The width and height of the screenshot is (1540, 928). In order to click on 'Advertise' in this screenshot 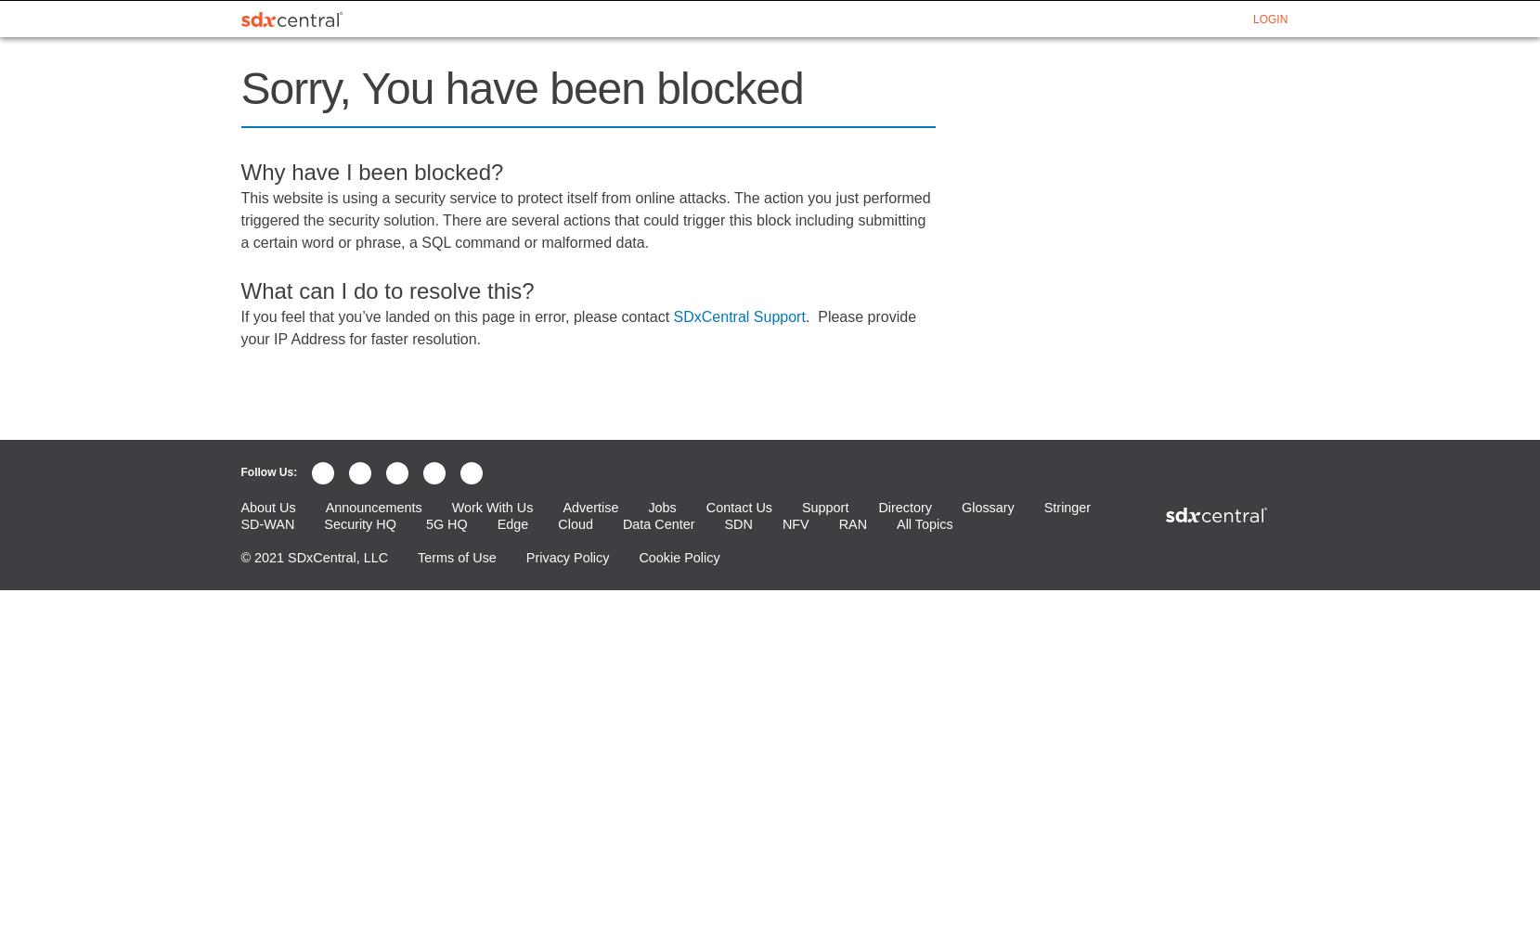, I will do `click(563, 507)`.